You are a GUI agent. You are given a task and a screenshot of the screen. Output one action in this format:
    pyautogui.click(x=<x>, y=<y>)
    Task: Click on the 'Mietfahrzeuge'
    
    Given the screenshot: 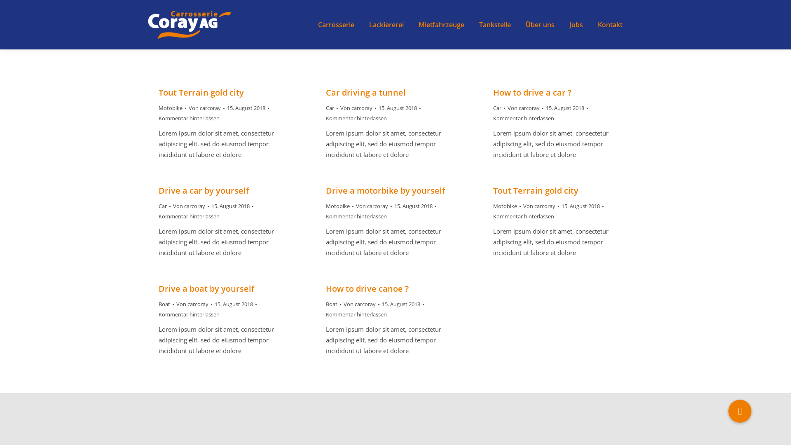 What is the action you would take?
    pyautogui.click(x=417, y=24)
    